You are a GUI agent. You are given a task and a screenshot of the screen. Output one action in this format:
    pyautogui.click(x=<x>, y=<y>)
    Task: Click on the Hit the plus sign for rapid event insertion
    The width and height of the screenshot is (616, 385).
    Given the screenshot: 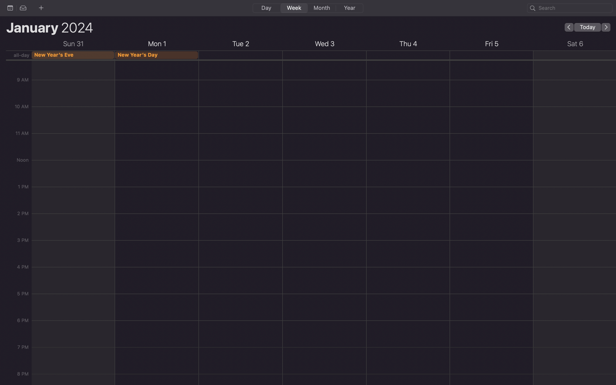 What is the action you would take?
    pyautogui.click(x=41, y=7)
    